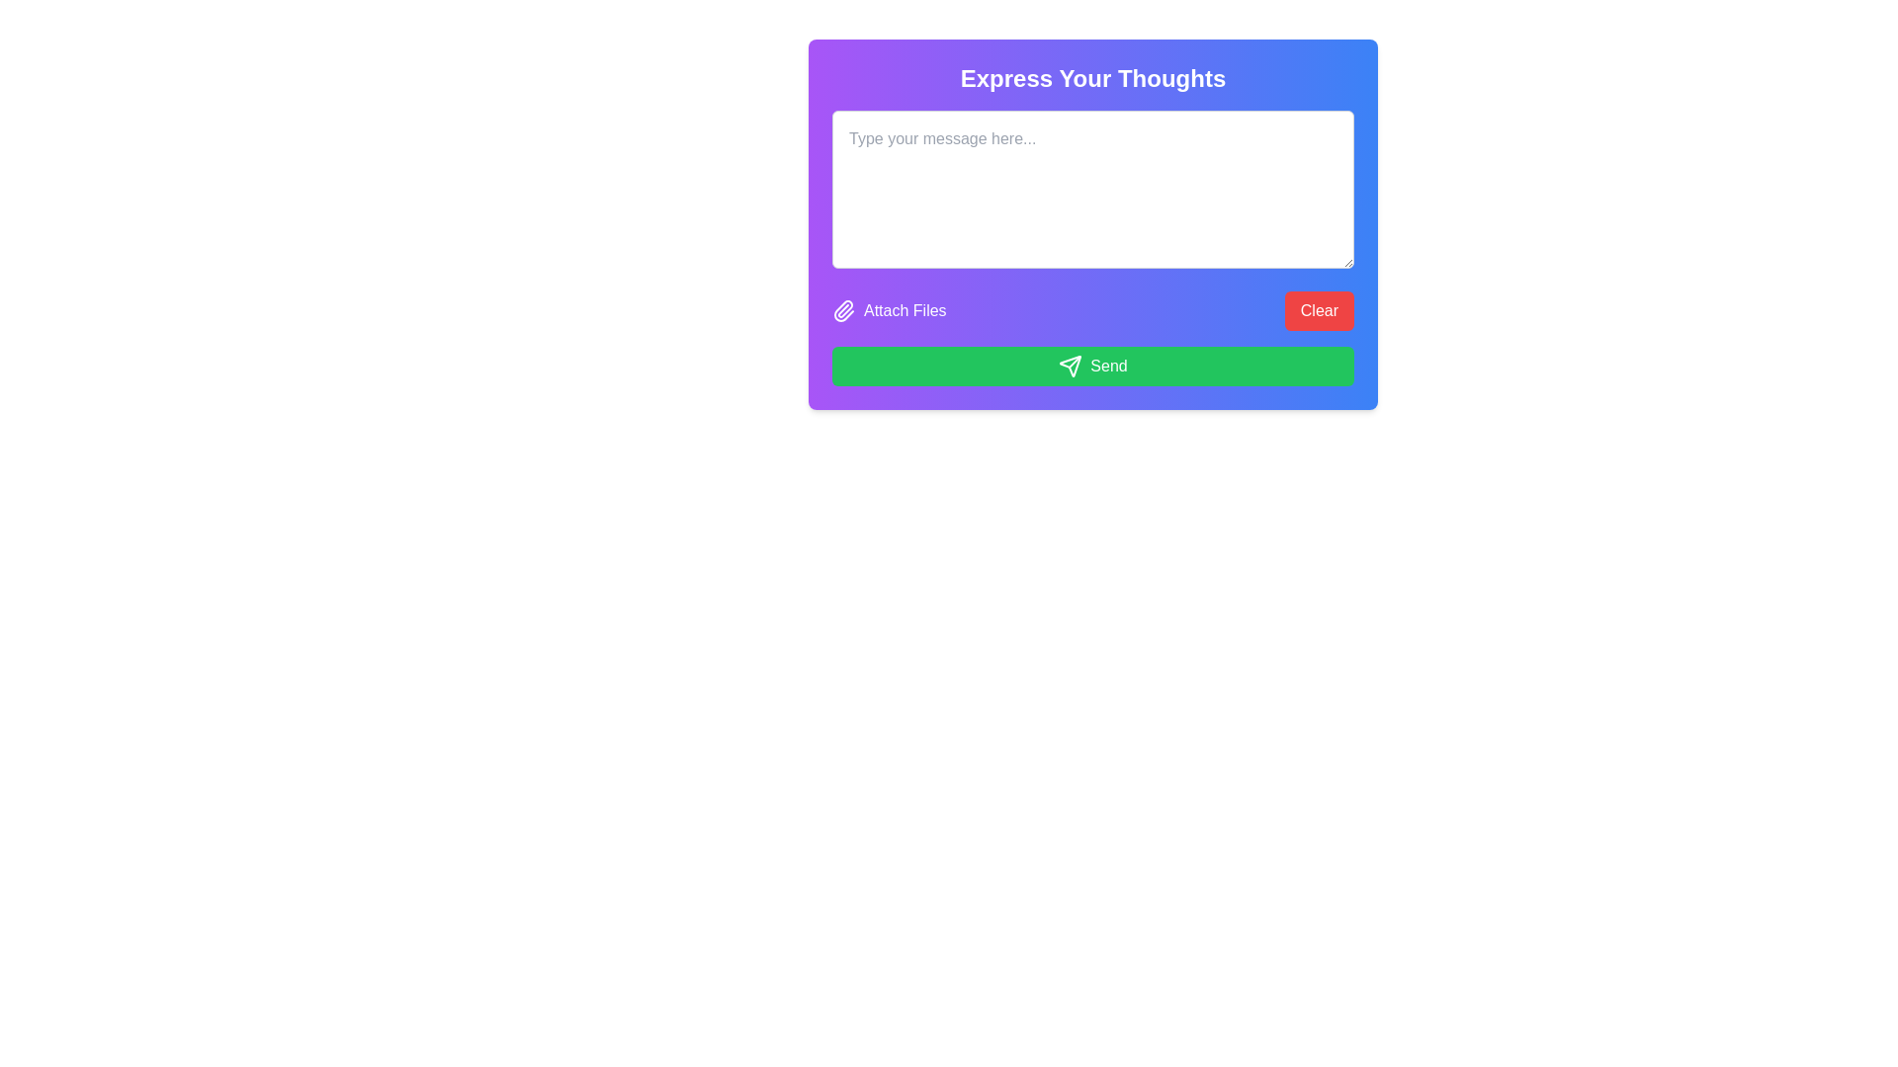  Describe the element at coordinates (904, 311) in the screenshot. I see `the text label that serves as an option to attach files` at that location.